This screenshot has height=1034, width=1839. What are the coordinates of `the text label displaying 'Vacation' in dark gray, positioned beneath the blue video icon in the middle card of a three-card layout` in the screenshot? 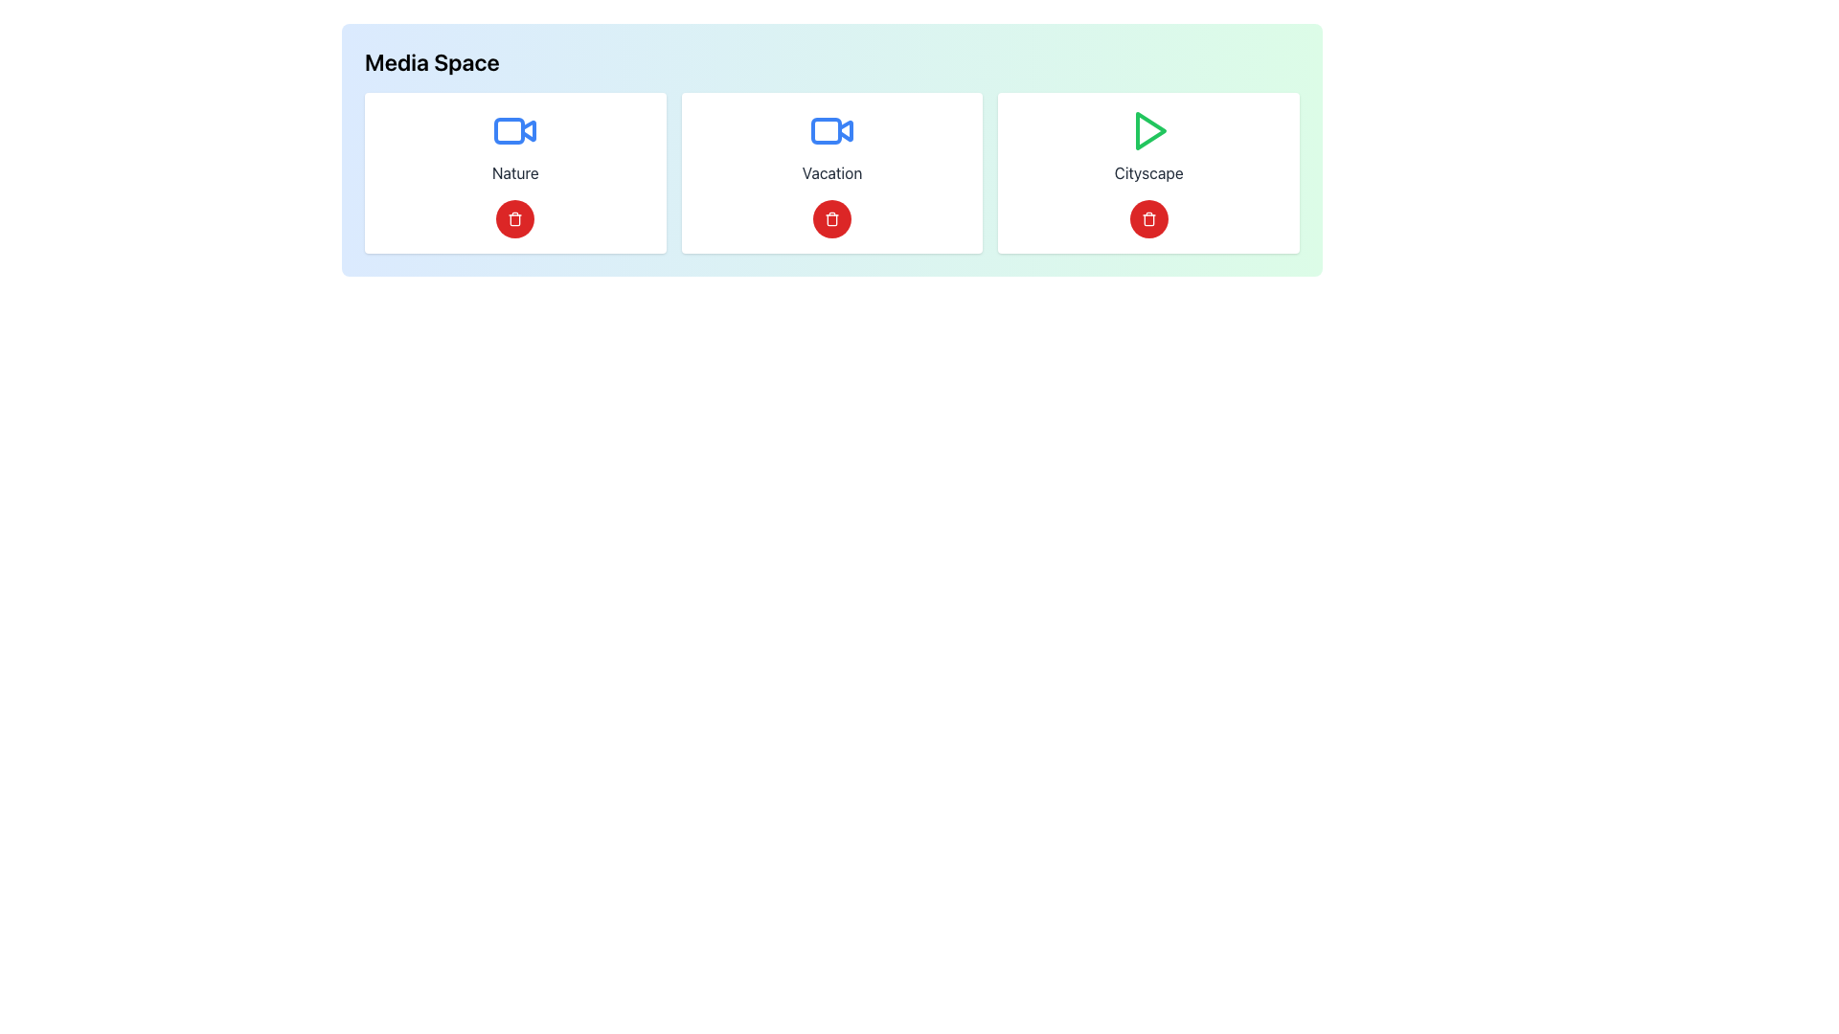 It's located at (831, 173).